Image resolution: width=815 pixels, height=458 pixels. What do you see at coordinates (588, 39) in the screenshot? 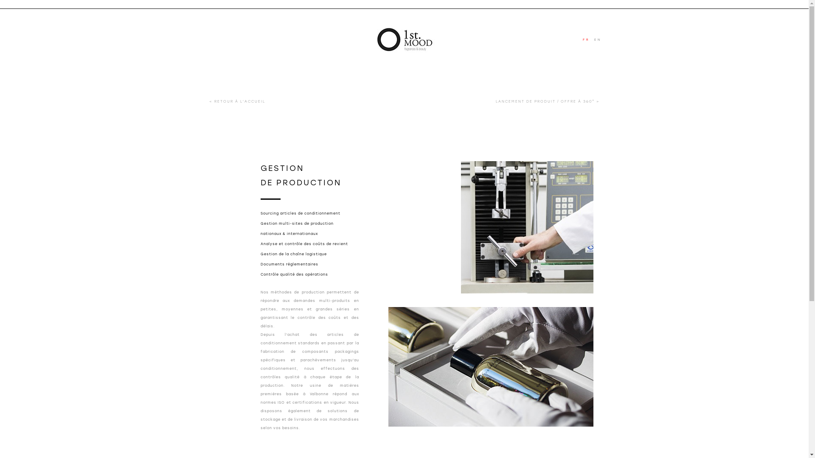
I see `'FR'` at bounding box center [588, 39].